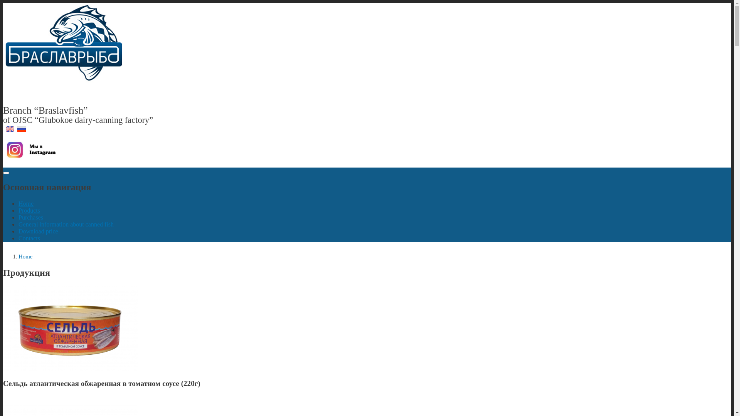  Describe the element at coordinates (18, 231) in the screenshot. I see `'Download price'` at that location.